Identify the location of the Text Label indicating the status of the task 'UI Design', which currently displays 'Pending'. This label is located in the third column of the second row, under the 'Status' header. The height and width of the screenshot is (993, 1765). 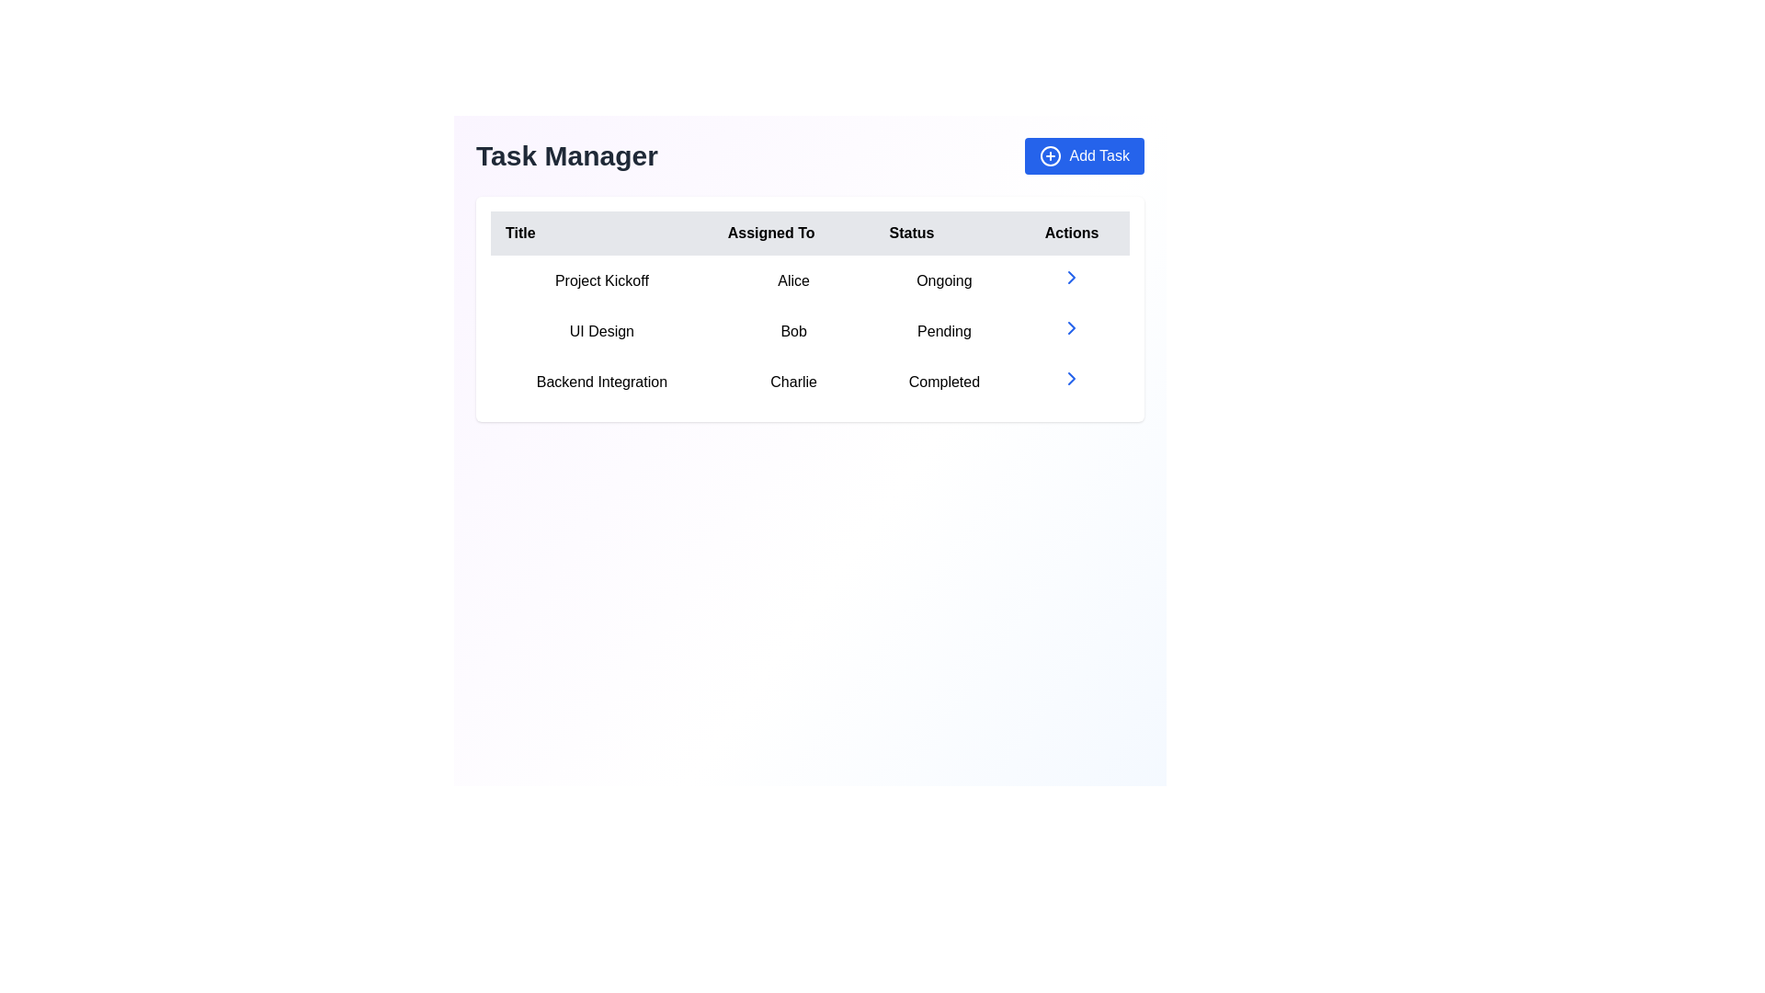
(944, 331).